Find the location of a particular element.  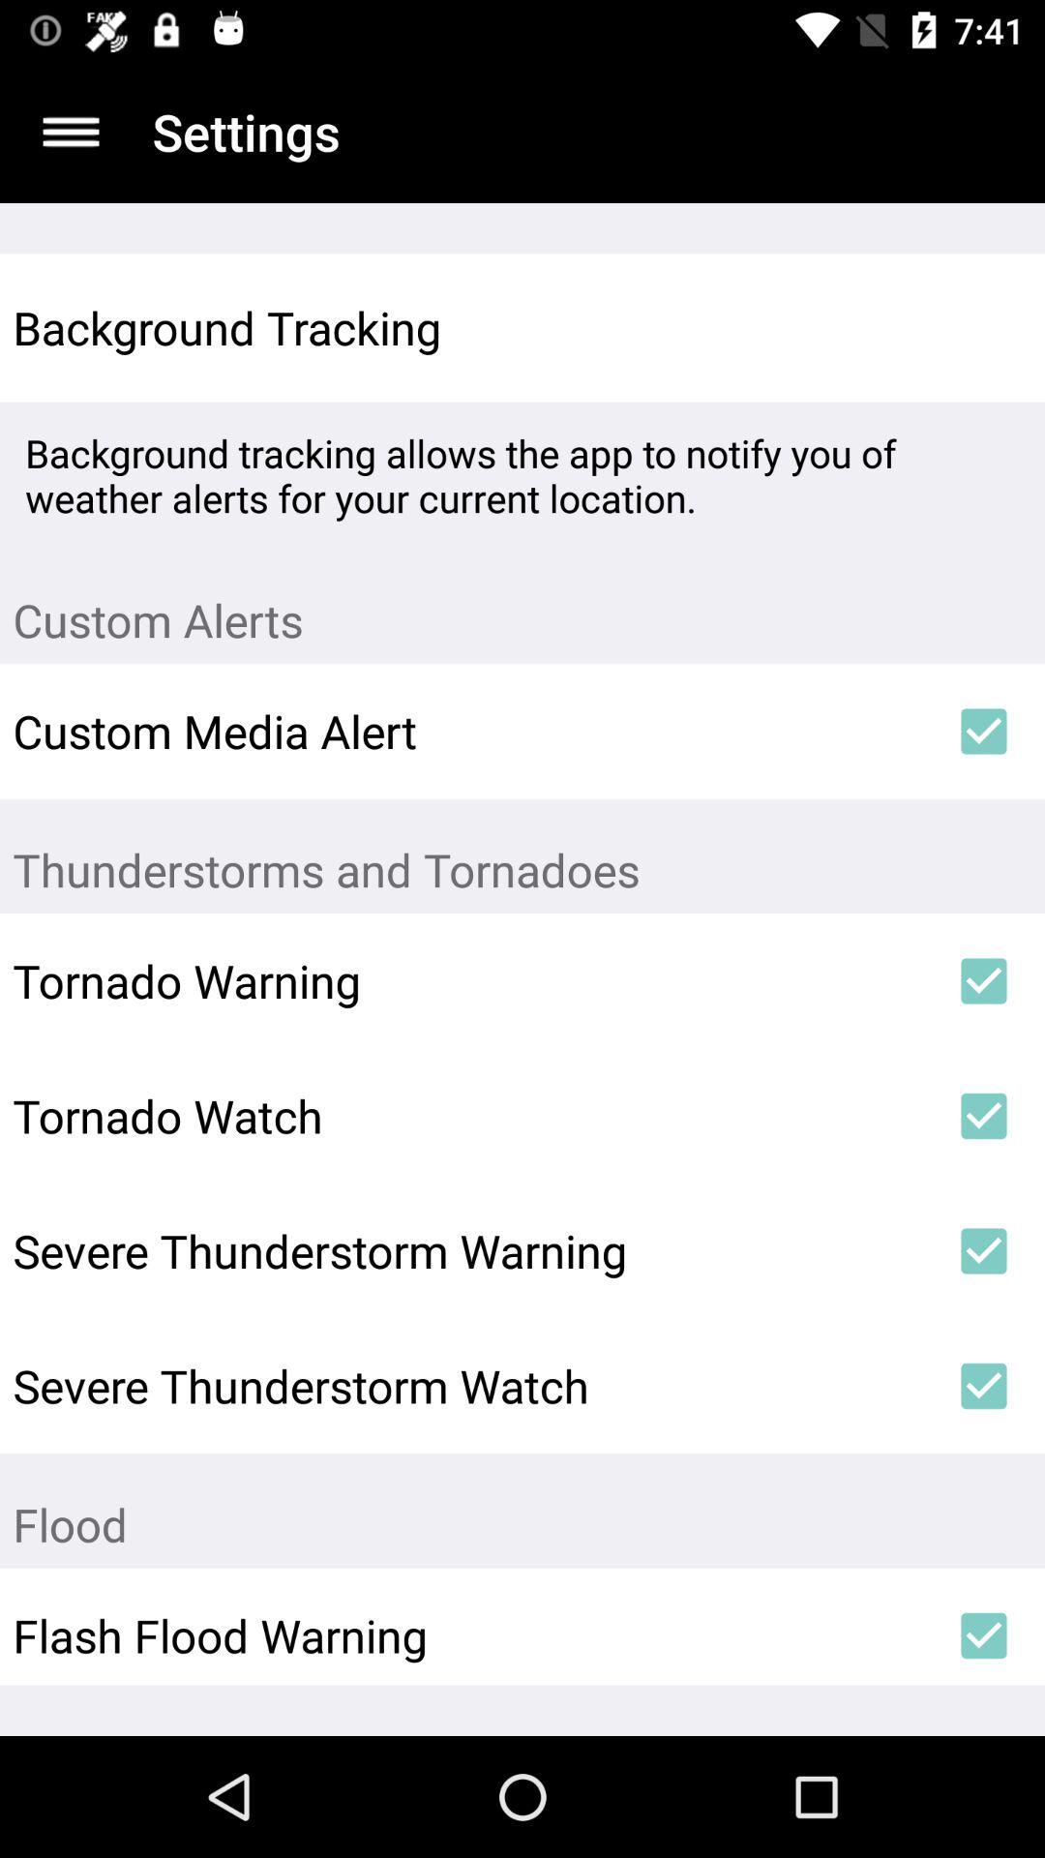

icon above flood is located at coordinates (984, 1385).